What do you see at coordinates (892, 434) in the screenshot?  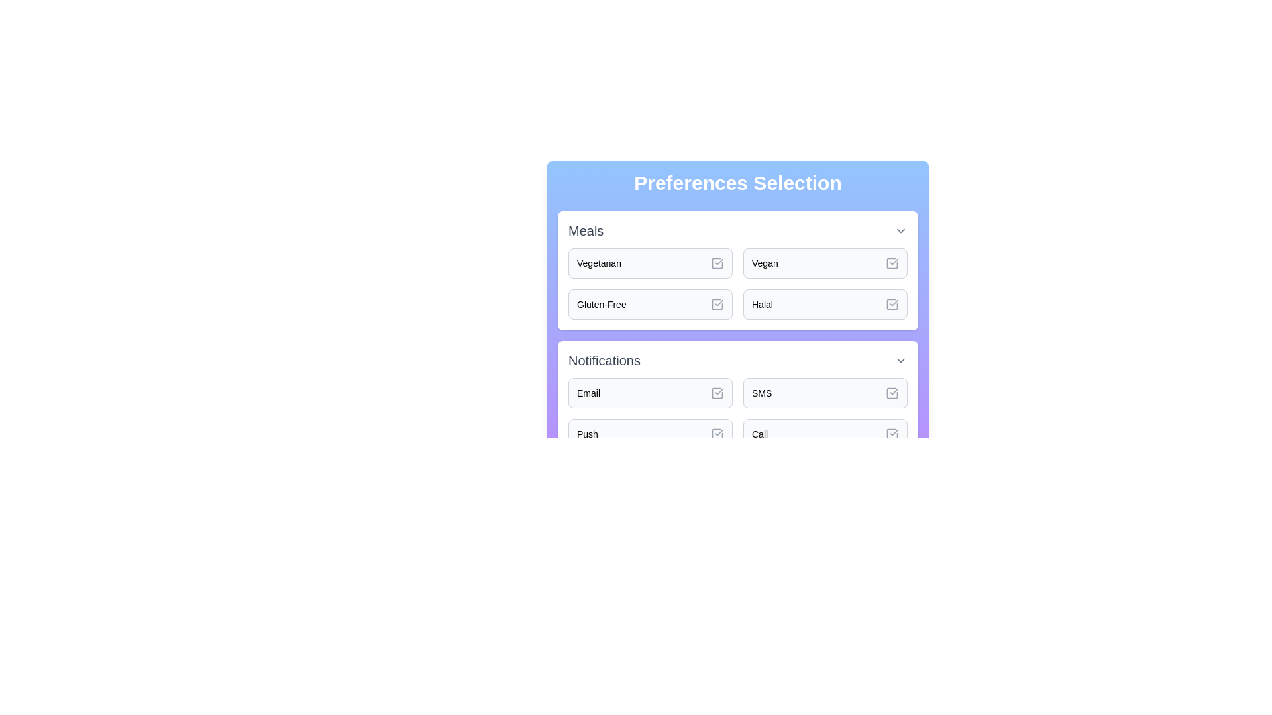 I see `the checkbox icon with a checkmark inside, located on the far right of the 'Call' option in the 'Notifications' section` at bounding box center [892, 434].